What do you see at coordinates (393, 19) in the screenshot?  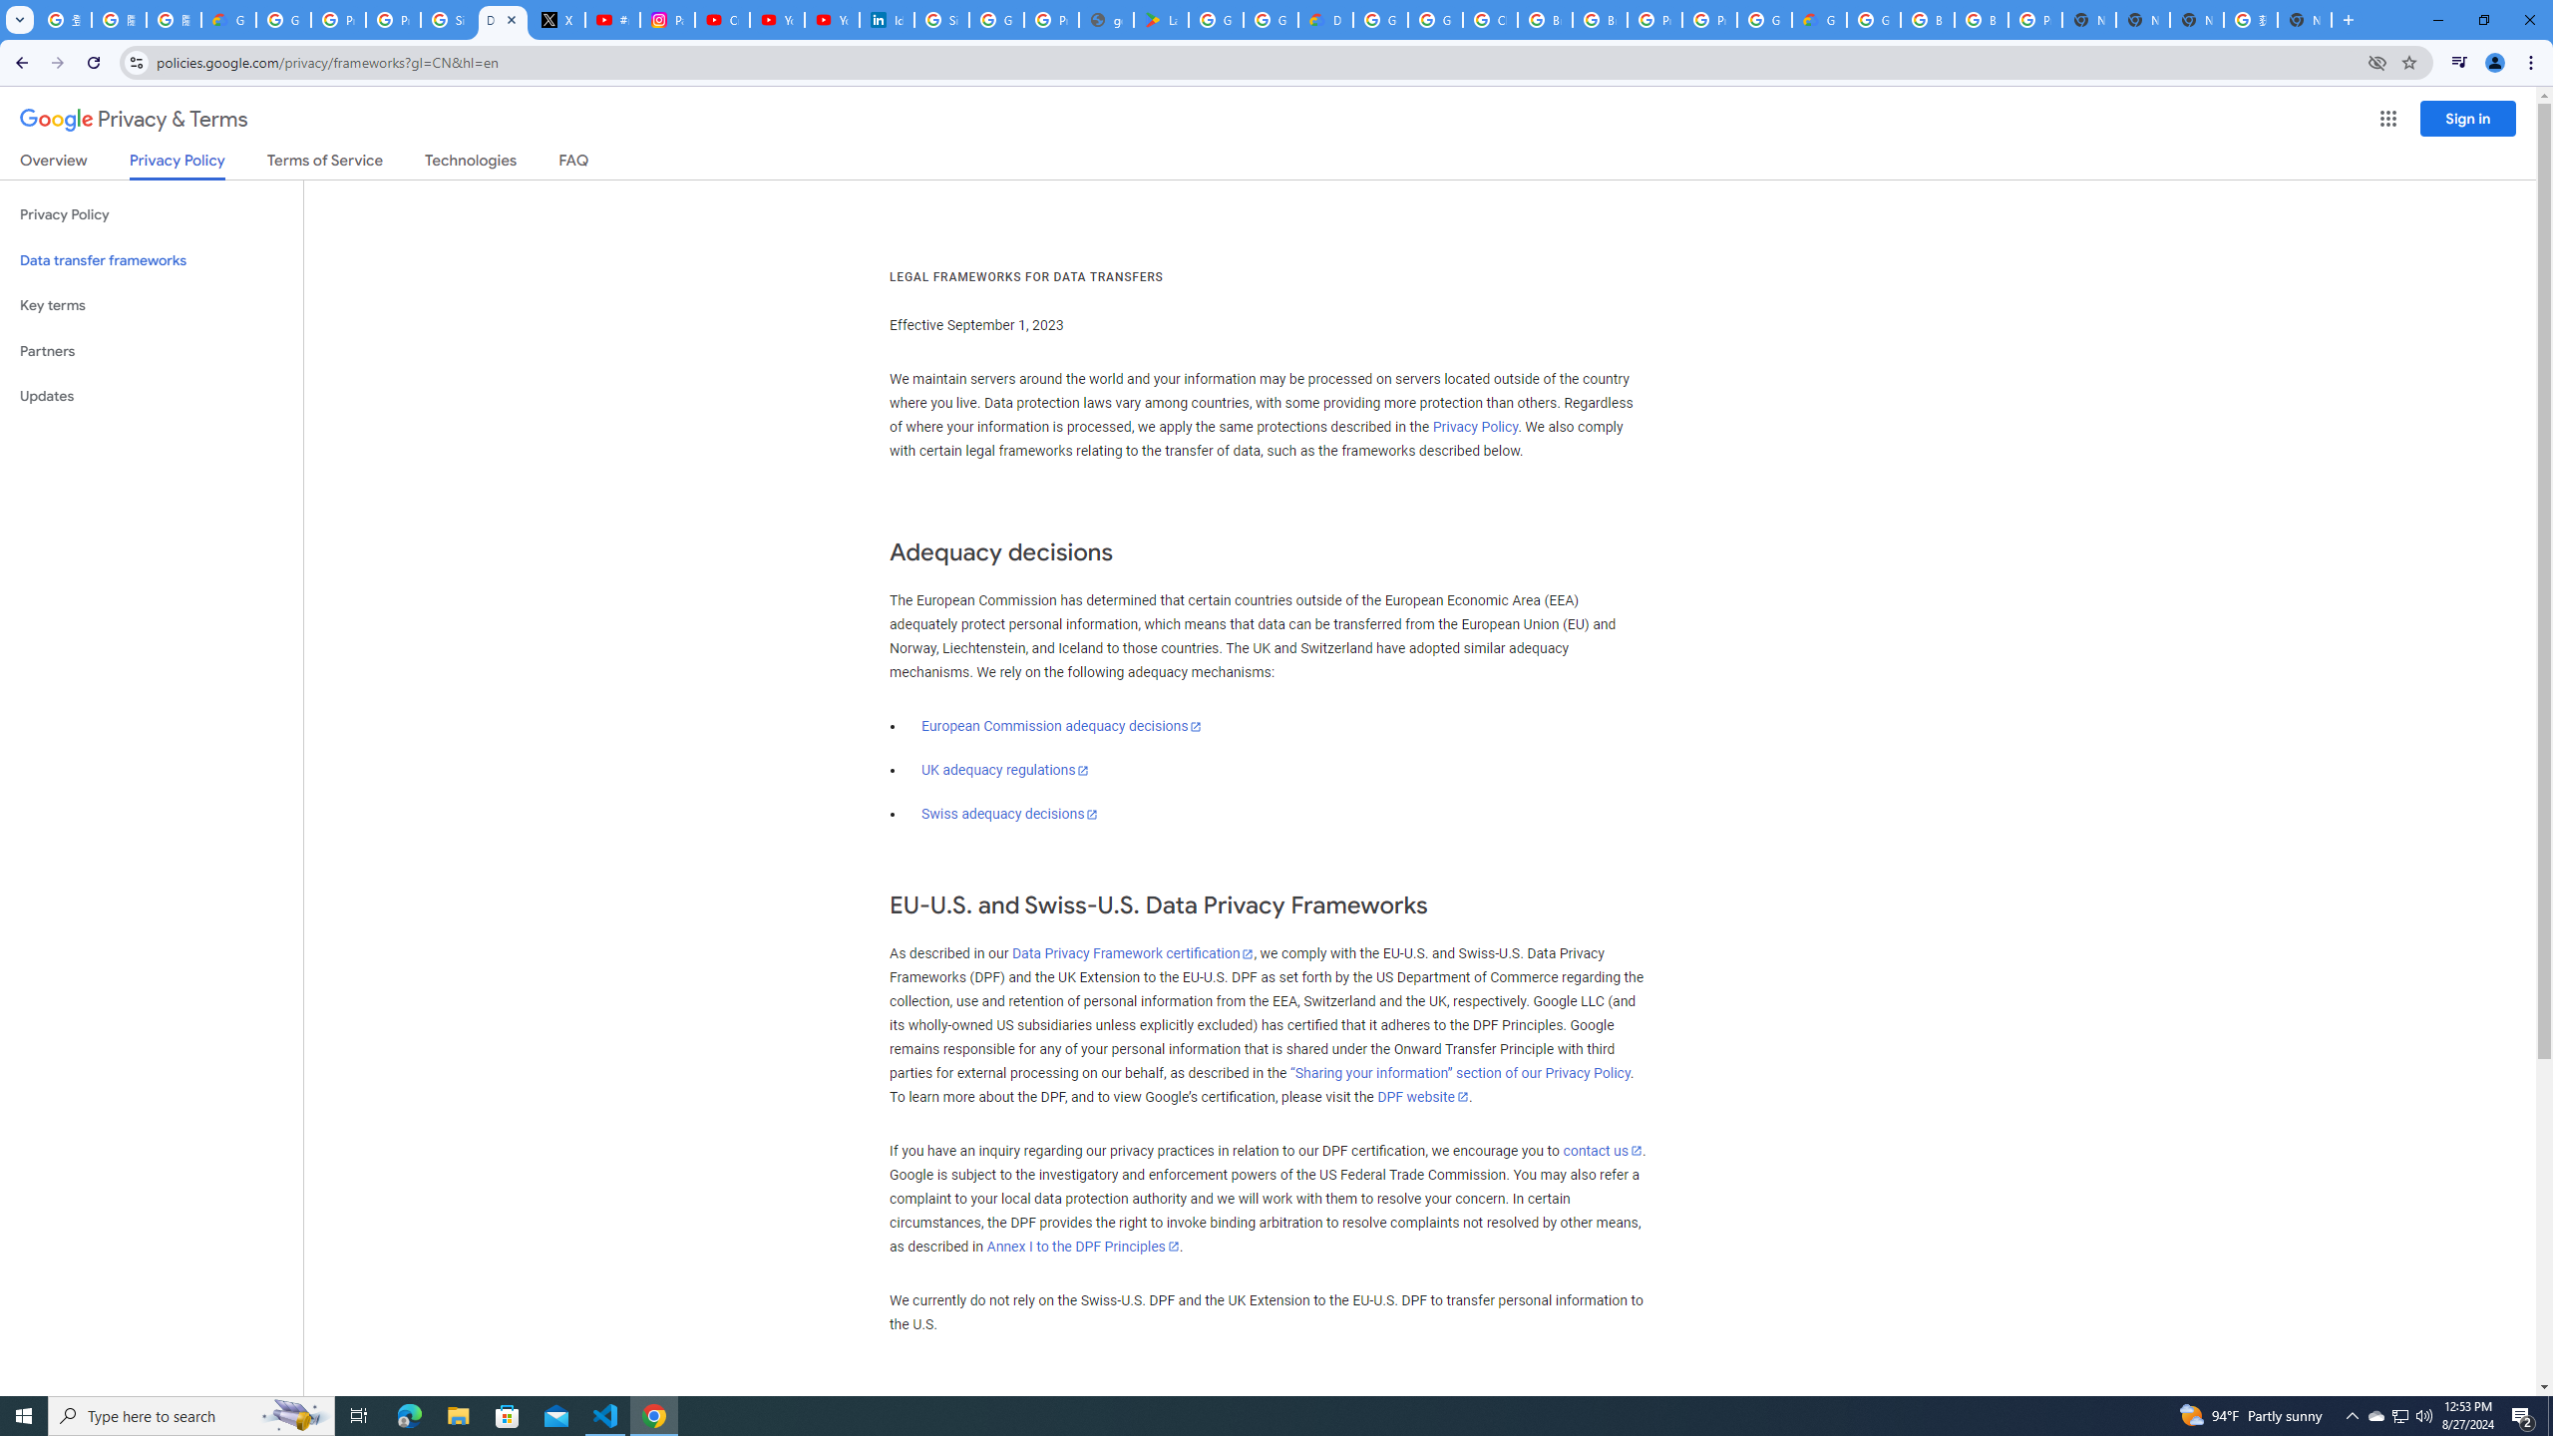 I see `'Privacy Help Center - Policies Help'` at bounding box center [393, 19].